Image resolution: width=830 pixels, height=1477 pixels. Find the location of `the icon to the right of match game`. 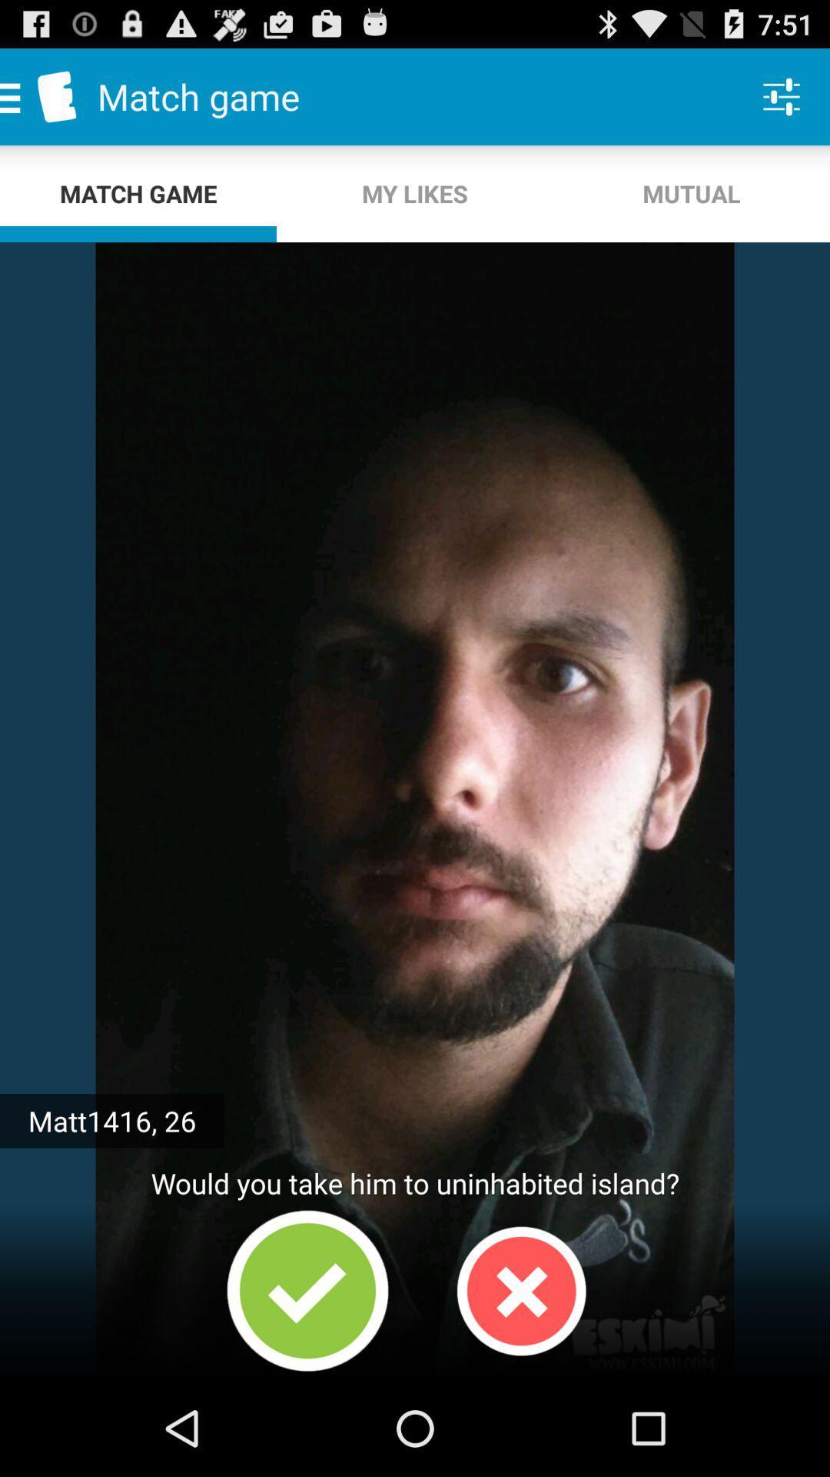

the icon to the right of match game is located at coordinates (415, 193).